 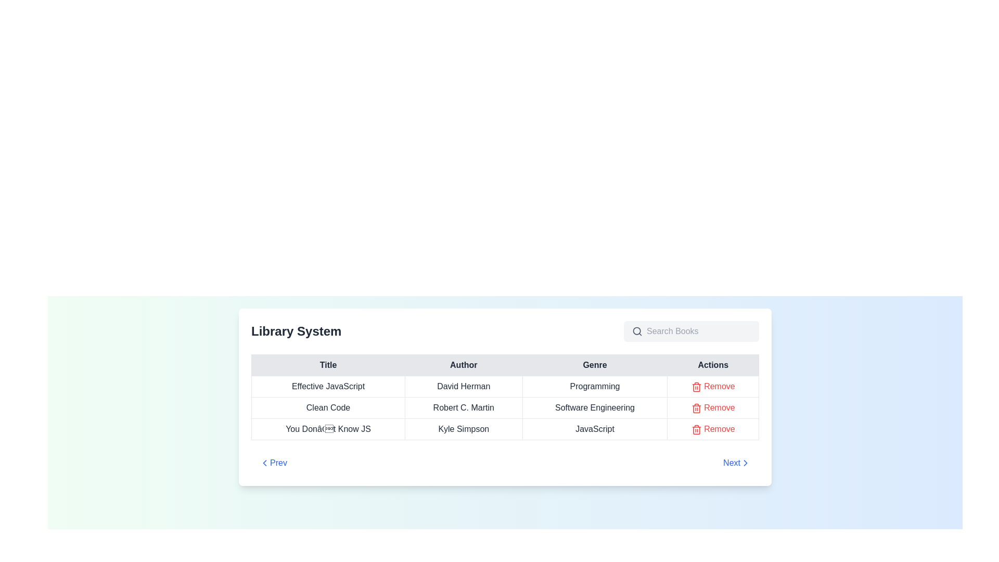 I want to click on the 'Remove' button styled in red, located in the rightmost column of the table, specifically in the third row aligned with the JavaScript genre and Kyle Simpson's entry, so click(x=712, y=429).